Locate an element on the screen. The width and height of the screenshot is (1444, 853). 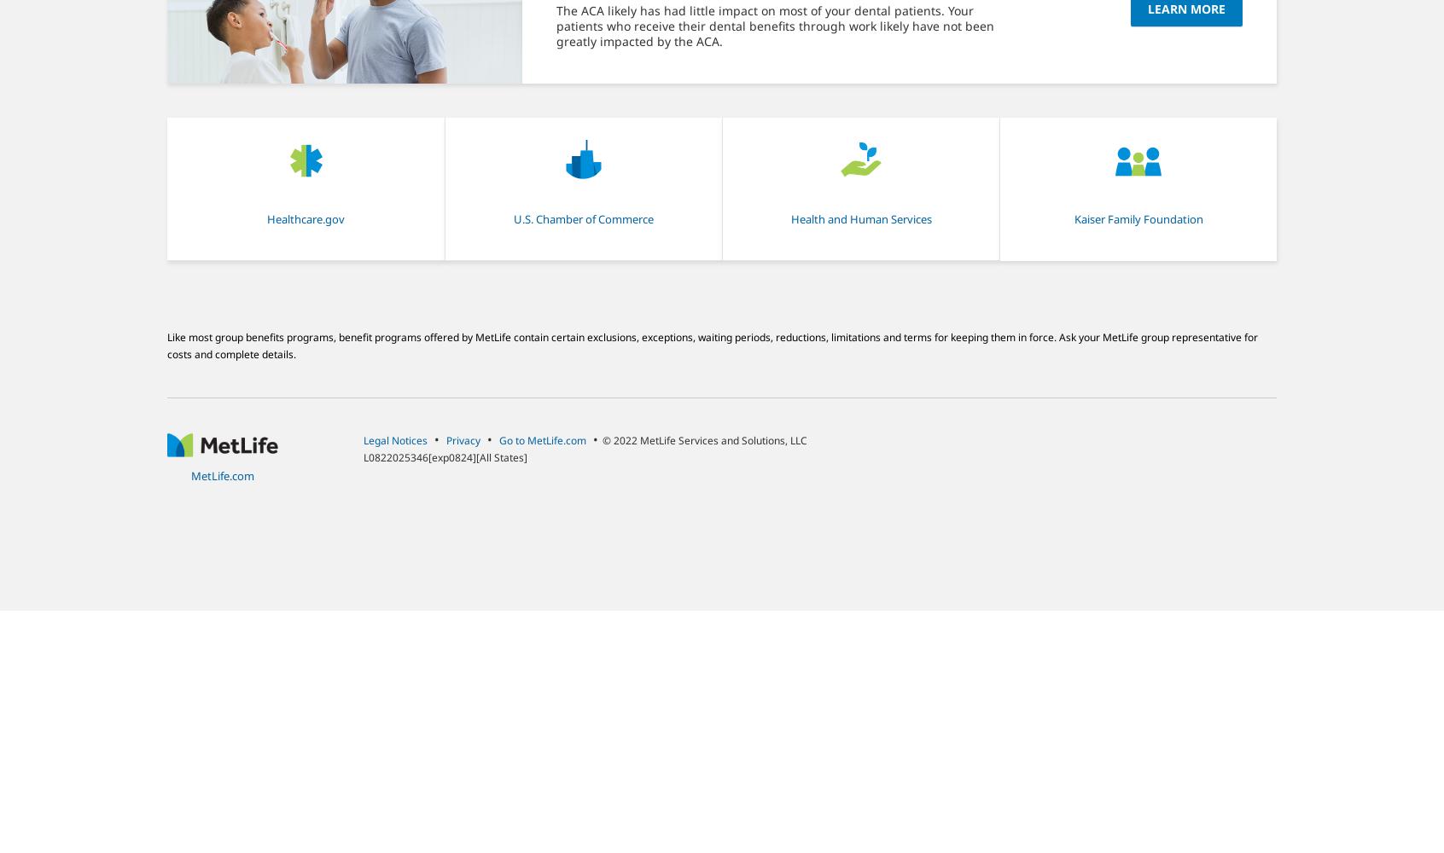
'Go to MetLife.com' is located at coordinates (543, 439).